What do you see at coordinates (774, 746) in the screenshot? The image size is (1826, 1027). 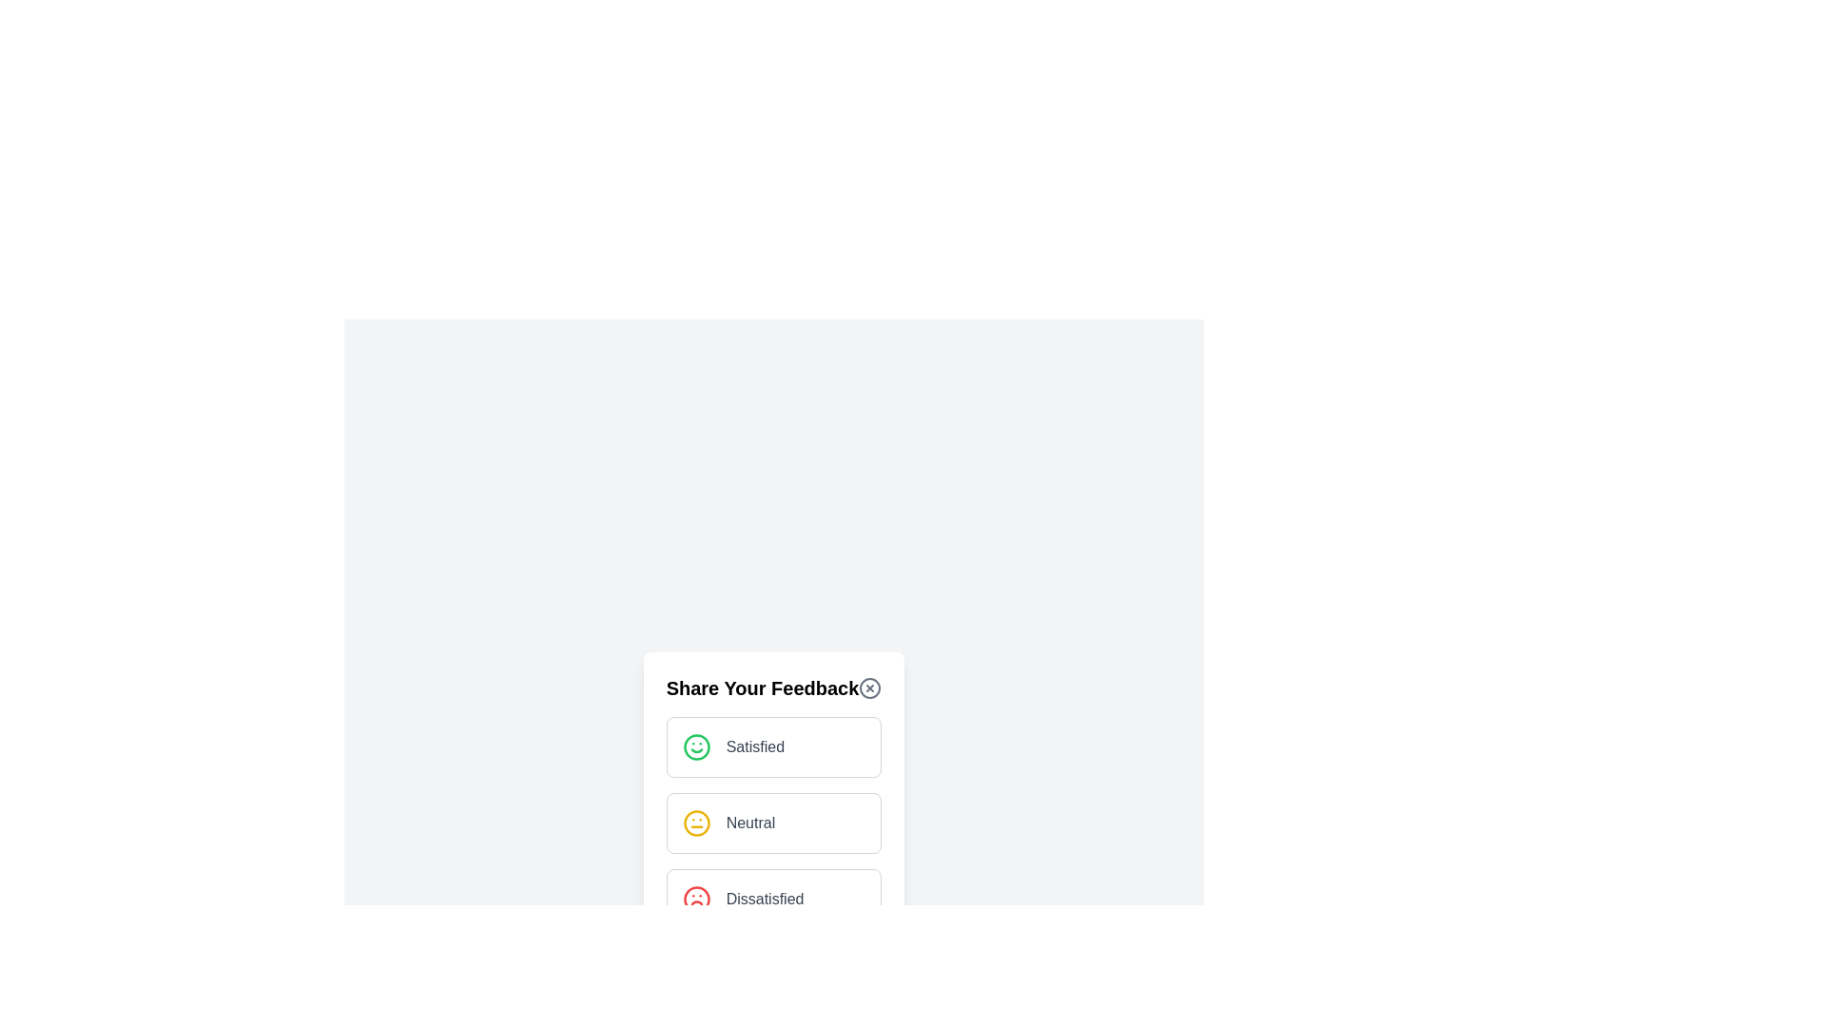 I see `the feedback option Satisfied to select it` at bounding box center [774, 746].